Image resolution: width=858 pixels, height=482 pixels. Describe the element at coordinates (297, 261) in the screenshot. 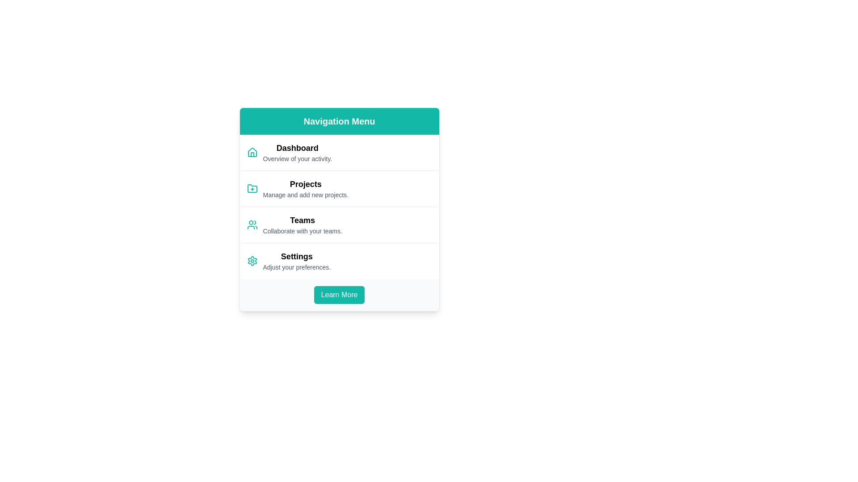

I see `the 'Settings' text option in the Navigation Menu` at that location.